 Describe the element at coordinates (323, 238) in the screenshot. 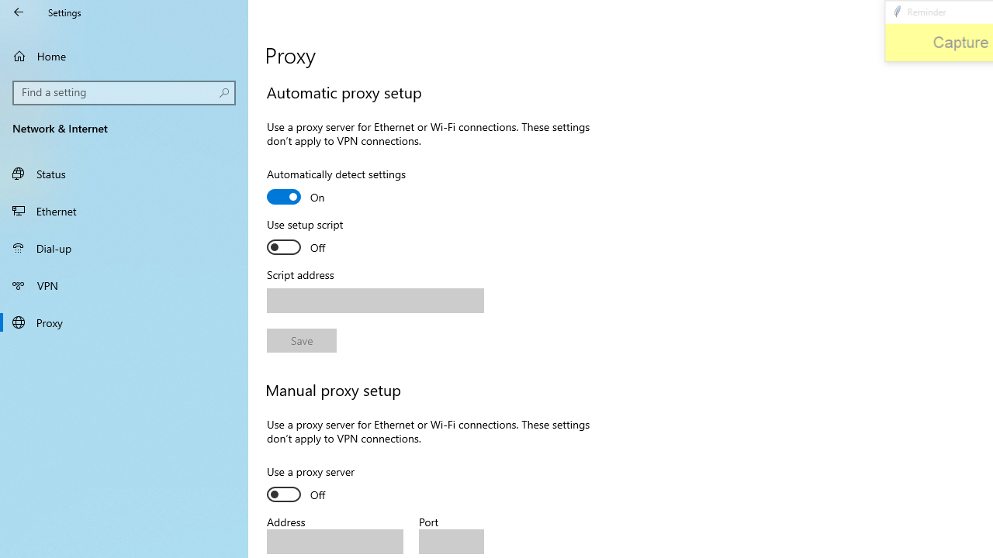

I see `'Use setup script'` at that location.